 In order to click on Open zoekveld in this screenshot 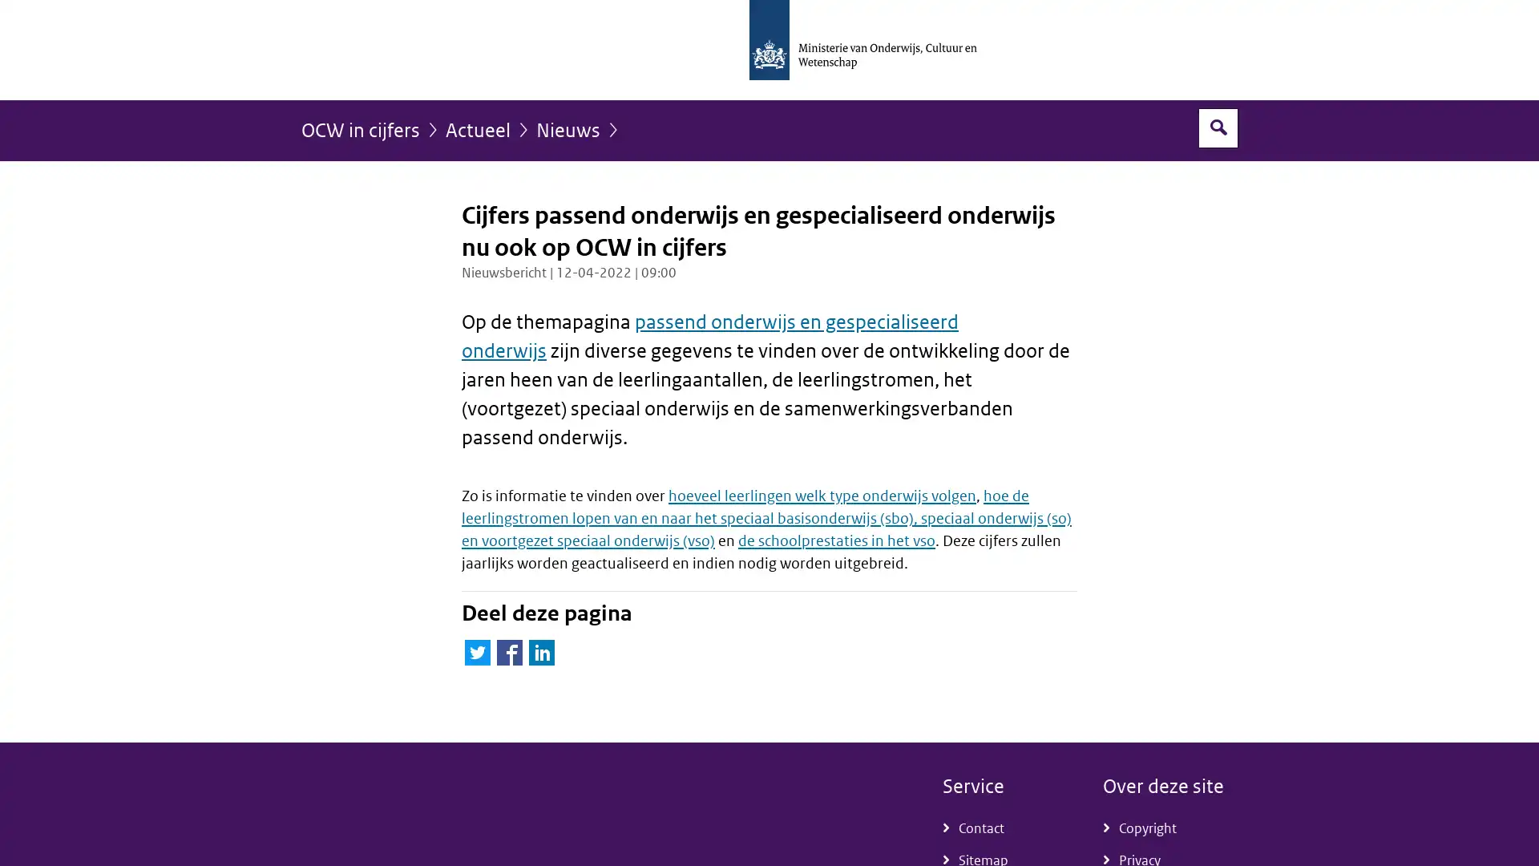, I will do `click(1218, 127)`.